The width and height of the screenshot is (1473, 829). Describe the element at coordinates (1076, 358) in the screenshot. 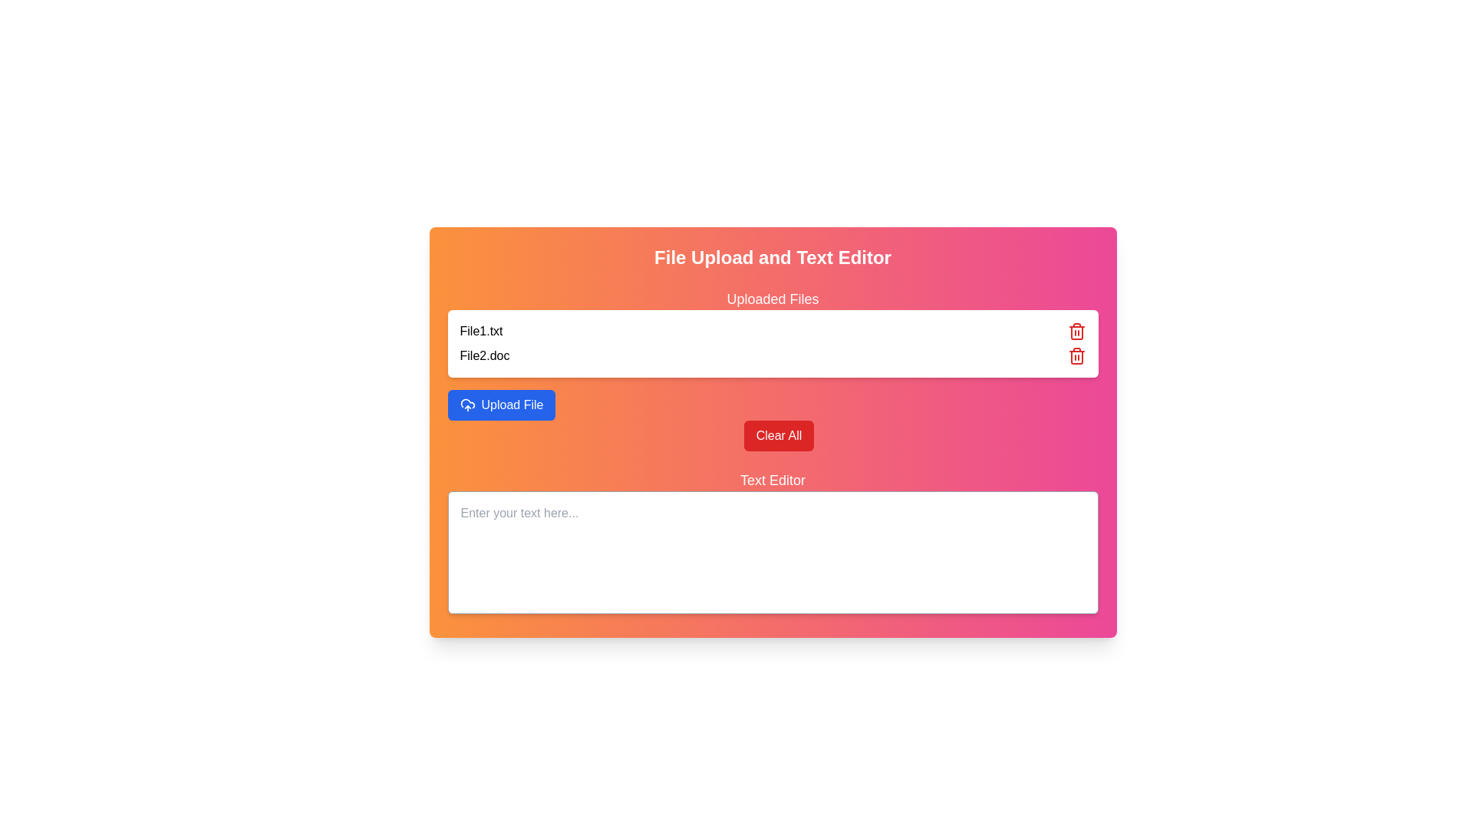

I see `the decorative part of the SVG trash can icon, which visually represents the body of the trash can, located on the right side of the individual file entry in the uploaded files list near the top of the page` at that location.